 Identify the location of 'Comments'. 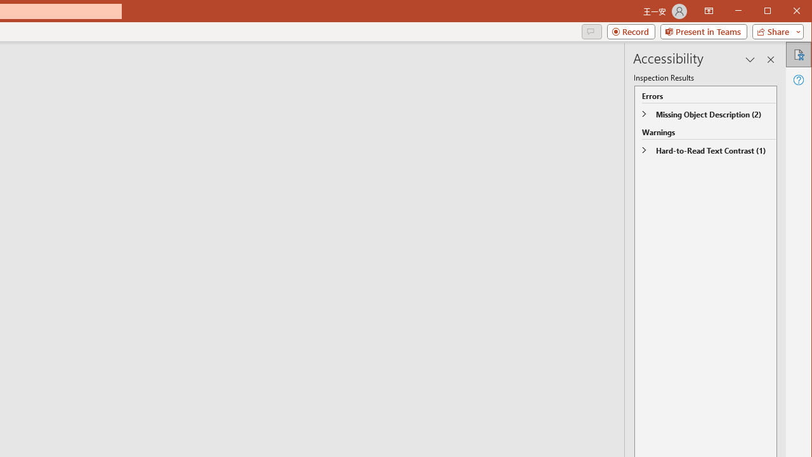
(591, 31).